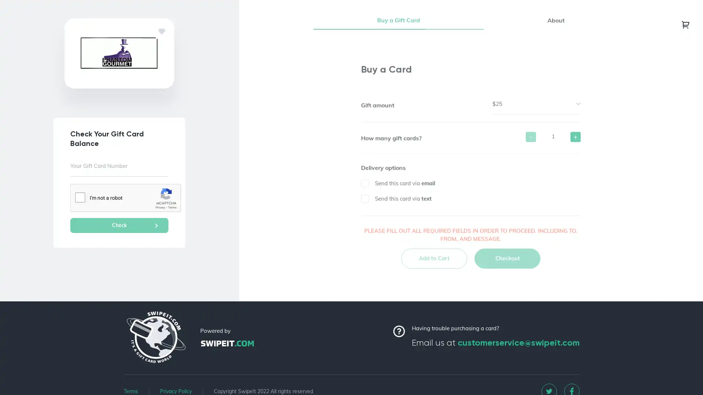 The height and width of the screenshot is (395, 703). I want to click on Toggle navigation, so click(685, 24).